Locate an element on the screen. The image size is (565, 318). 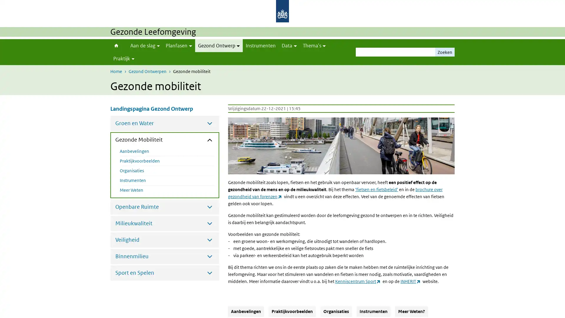
Submenu openen is located at coordinates (210, 239).